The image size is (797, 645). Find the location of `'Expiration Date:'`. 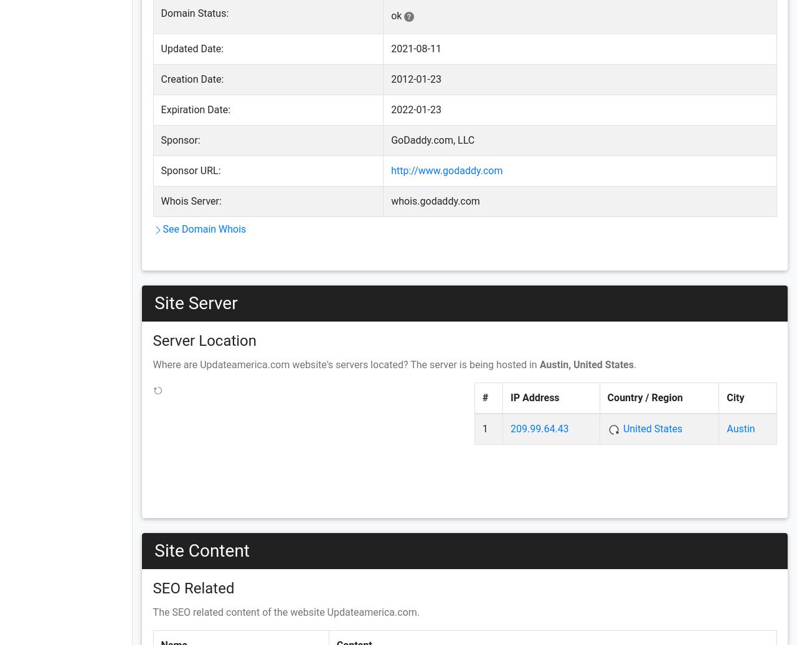

'Expiration Date:' is located at coordinates (160, 109).